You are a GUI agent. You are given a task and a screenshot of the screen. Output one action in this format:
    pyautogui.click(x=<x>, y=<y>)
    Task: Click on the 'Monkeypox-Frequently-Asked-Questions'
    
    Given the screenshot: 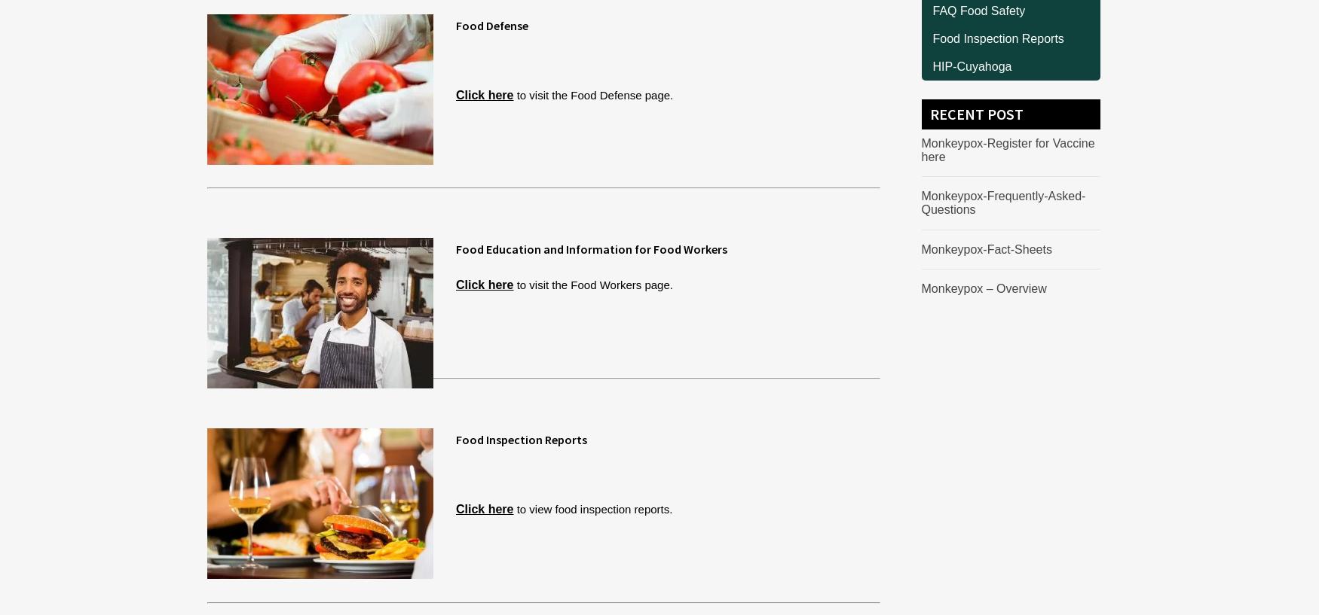 What is the action you would take?
    pyautogui.click(x=921, y=202)
    